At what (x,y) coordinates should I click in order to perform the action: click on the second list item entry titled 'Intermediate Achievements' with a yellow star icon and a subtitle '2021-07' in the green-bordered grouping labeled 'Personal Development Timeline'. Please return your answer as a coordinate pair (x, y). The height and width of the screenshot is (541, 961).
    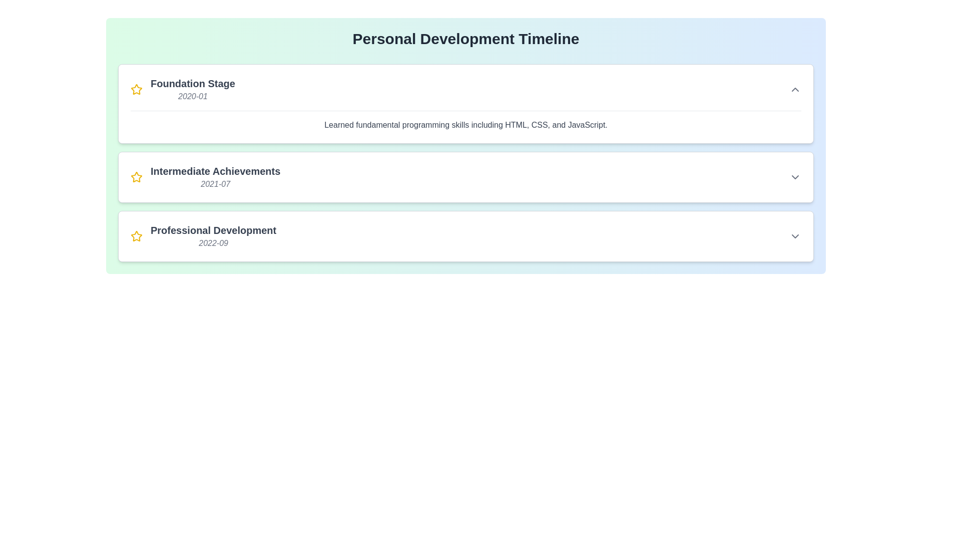
    Looking at the image, I should click on (205, 177).